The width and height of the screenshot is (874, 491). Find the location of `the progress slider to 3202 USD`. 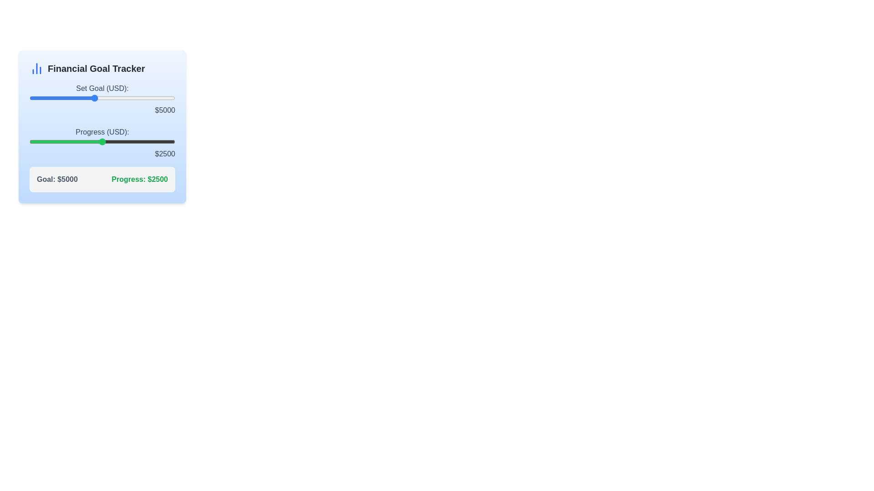

the progress slider to 3202 USD is located at coordinates (122, 142).